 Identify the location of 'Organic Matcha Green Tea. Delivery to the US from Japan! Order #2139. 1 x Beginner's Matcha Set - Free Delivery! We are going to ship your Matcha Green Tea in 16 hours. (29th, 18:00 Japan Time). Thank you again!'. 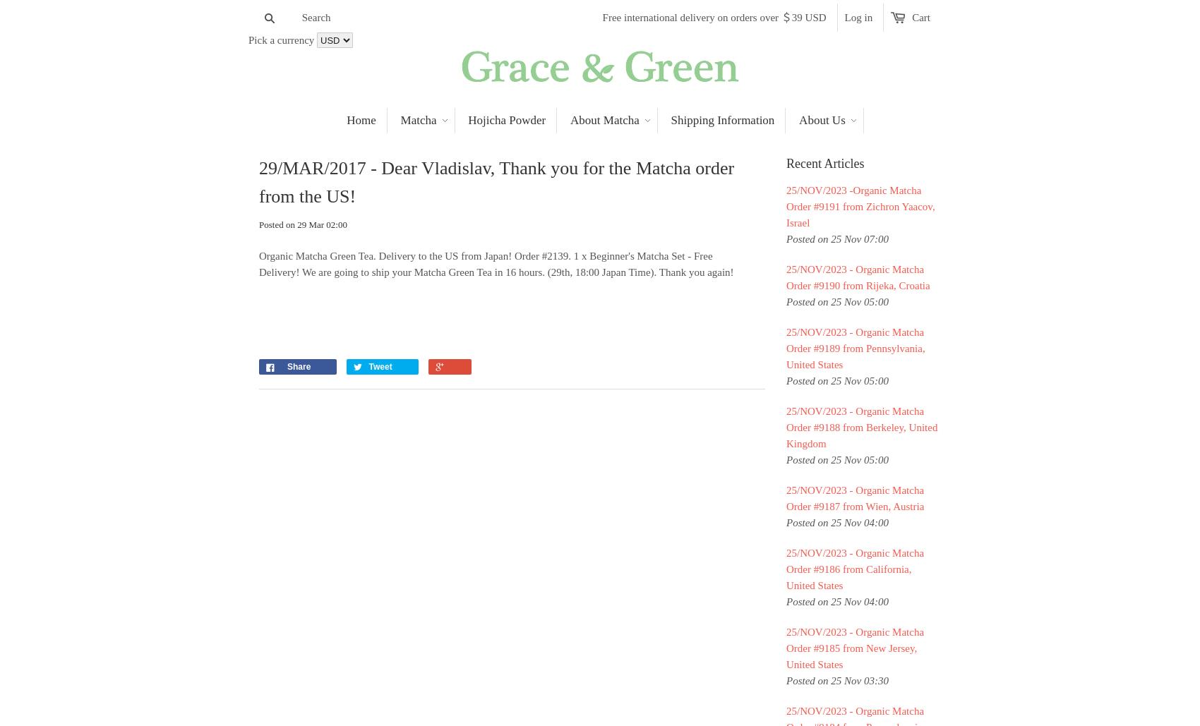
(496, 263).